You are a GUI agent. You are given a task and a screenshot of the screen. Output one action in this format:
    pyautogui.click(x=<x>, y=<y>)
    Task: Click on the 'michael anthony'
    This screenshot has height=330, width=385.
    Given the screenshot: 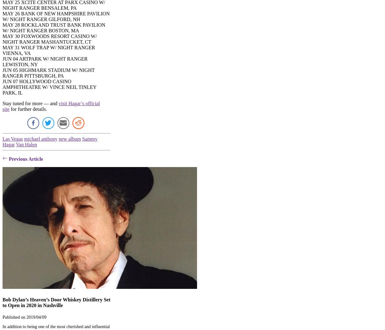 What is the action you would take?
    pyautogui.click(x=40, y=139)
    